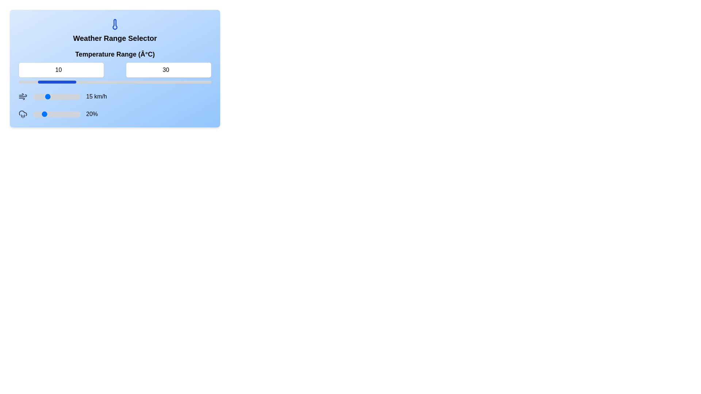 The width and height of the screenshot is (701, 394). What do you see at coordinates (23, 114) in the screenshot?
I see `the cloud with rain icon located to the left of the slider handle in the second slider group associated with the '20%' slider label` at bounding box center [23, 114].